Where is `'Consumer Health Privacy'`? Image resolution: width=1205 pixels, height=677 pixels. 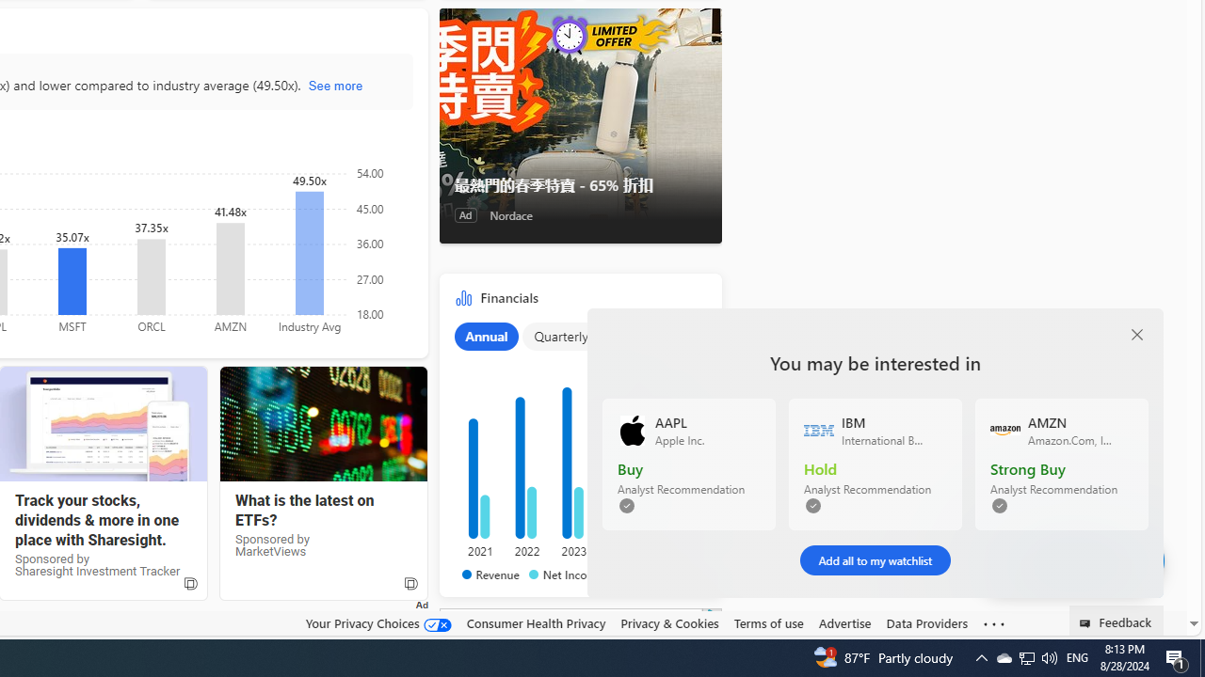 'Consumer Health Privacy' is located at coordinates (535, 623).